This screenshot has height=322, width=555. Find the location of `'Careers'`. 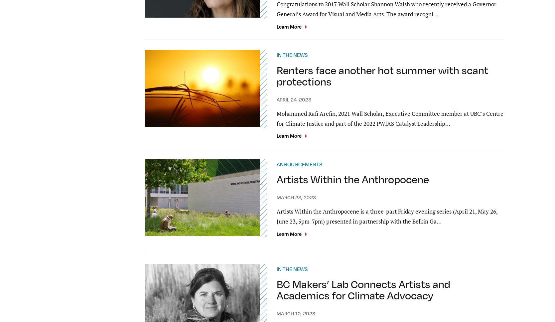

'Careers' is located at coordinates (256, 296).